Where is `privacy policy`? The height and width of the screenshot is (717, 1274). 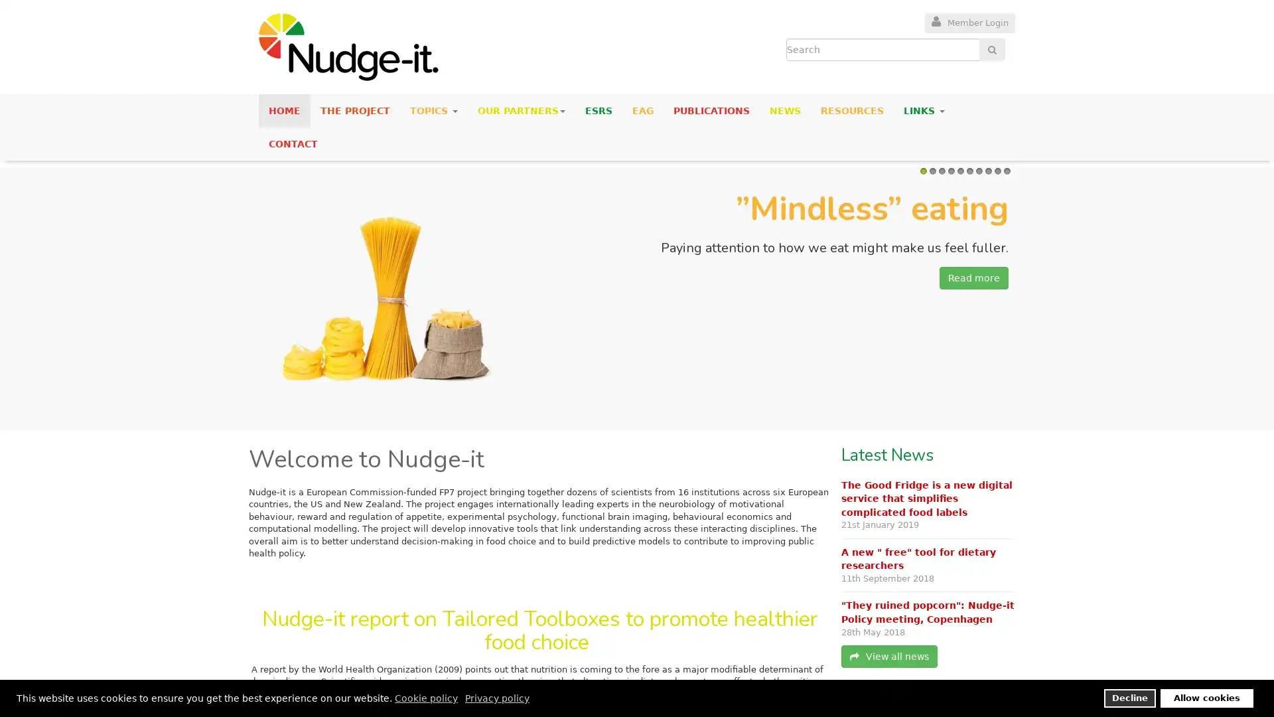 privacy policy is located at coordinates (496, 697).